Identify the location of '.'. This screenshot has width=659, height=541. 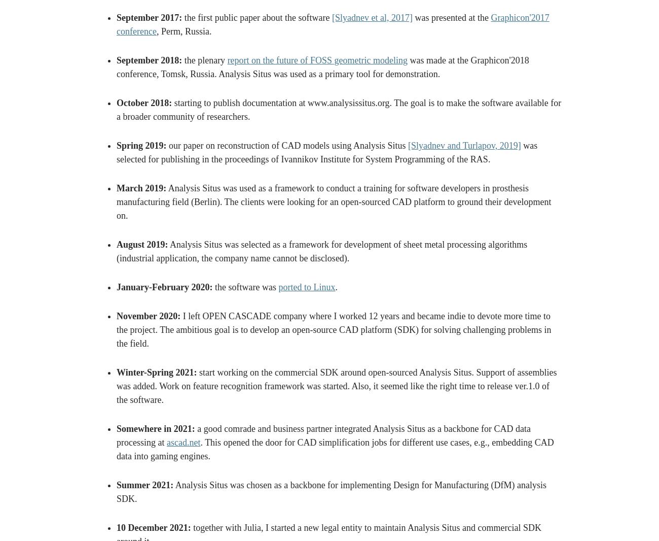
(335, 287).